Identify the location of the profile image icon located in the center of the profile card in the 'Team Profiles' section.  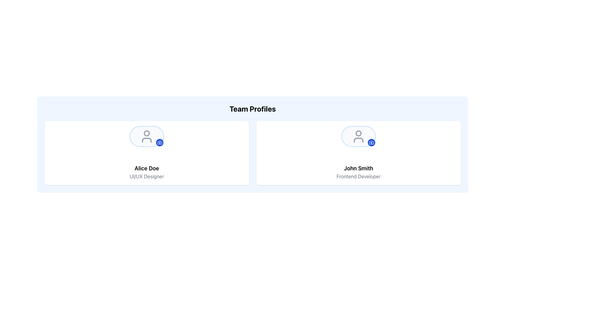
(359, 136).